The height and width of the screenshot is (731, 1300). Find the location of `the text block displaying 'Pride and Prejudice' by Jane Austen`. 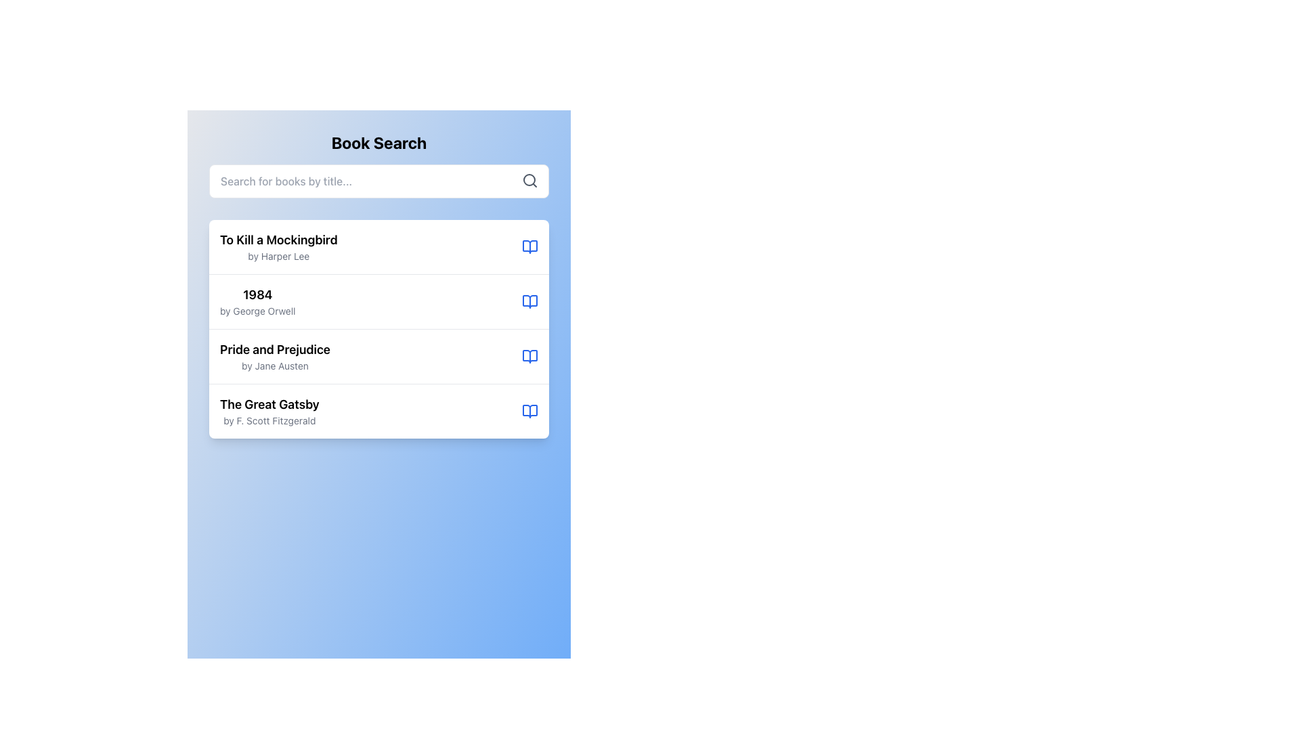

the text block displaying 'Pride and Prejudice' by Jane Austen is located at coordinates (274, 356).